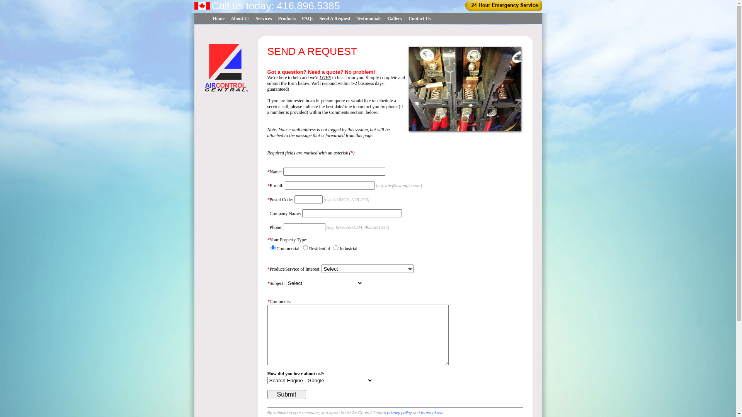  I want to click on 'Send A Request', so click(334, 18).